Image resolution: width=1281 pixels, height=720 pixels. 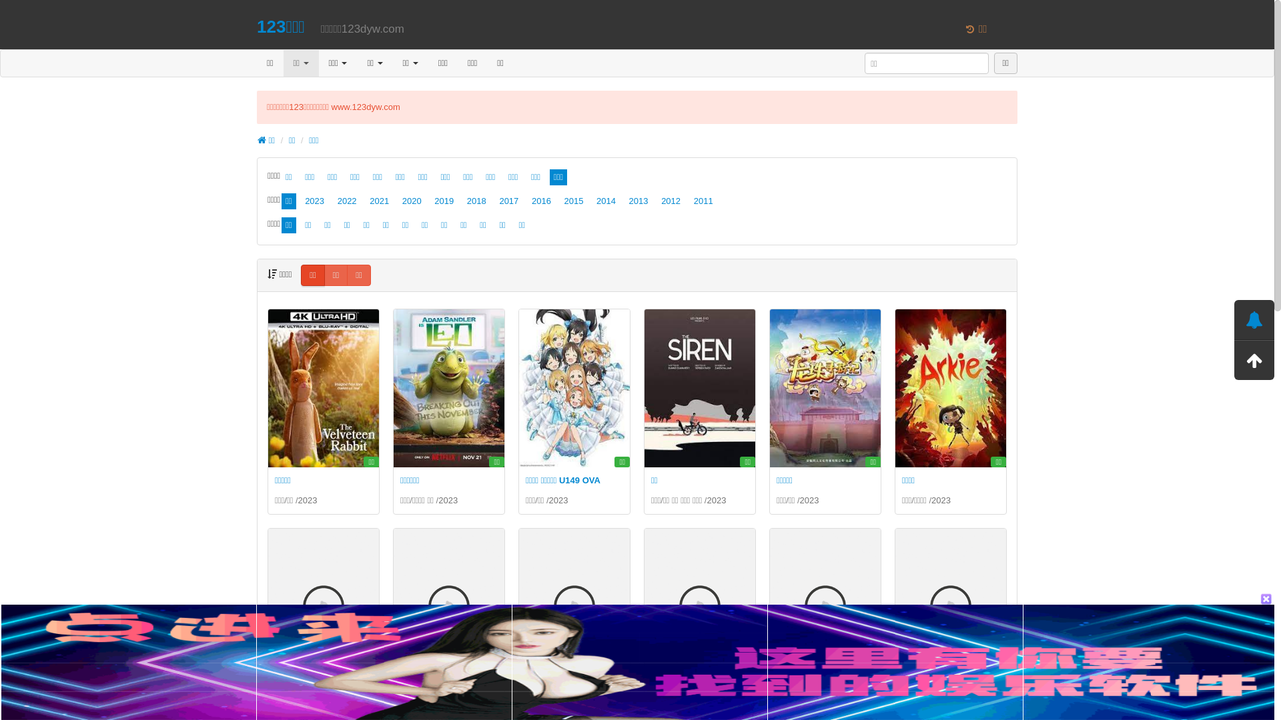 What do you see at coordinates (541, 201) in the screenshot?
I see `'2016'` at bounding box center [541, 201].